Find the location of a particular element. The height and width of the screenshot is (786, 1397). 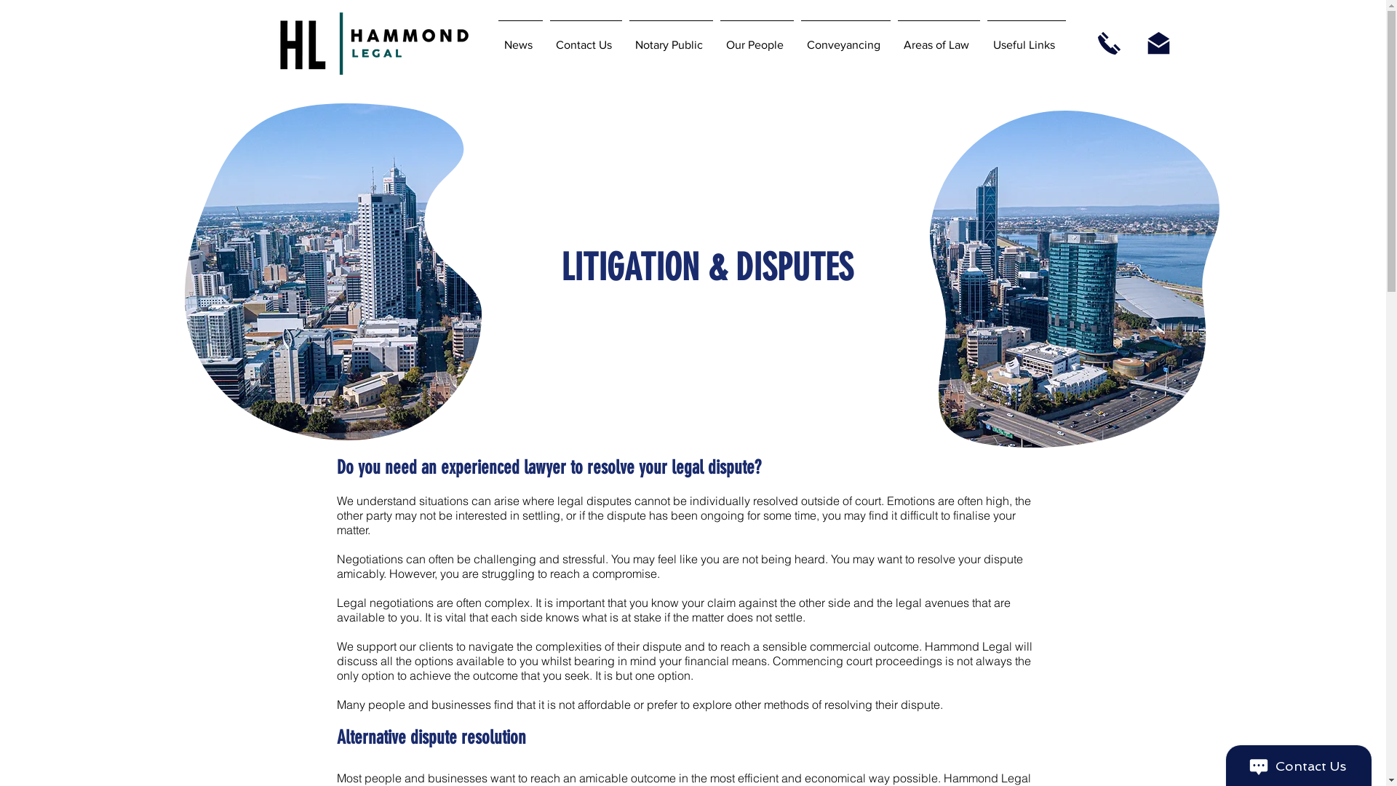

'Our People' is located at coordinates (756, 38).